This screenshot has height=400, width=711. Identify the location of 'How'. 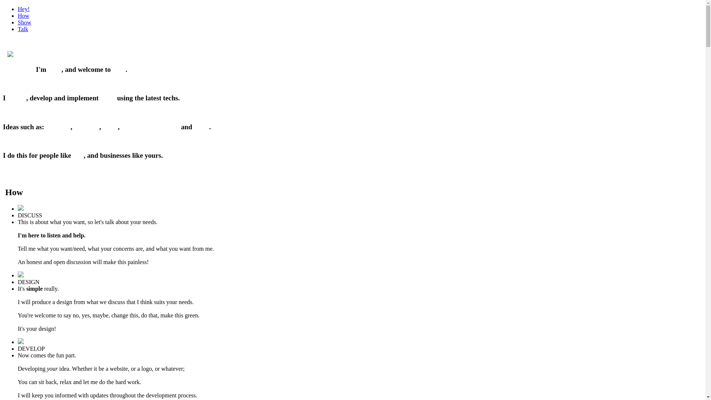
(23, 16).